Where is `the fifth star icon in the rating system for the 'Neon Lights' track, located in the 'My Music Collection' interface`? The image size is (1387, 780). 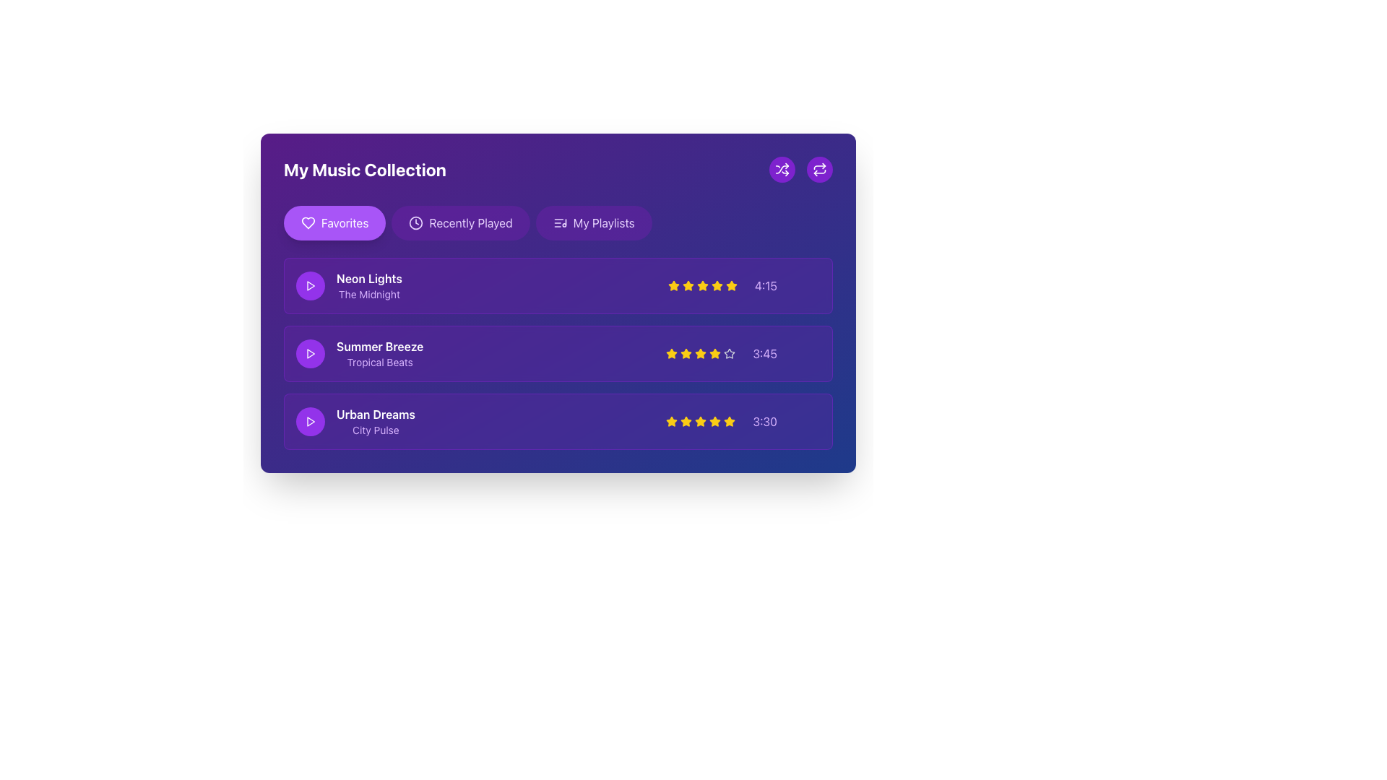 the fifth star icon in the rating system for the 'Neon Lights' track, located in the 'My Music Collection' interface is located at coordinates (717, 286).